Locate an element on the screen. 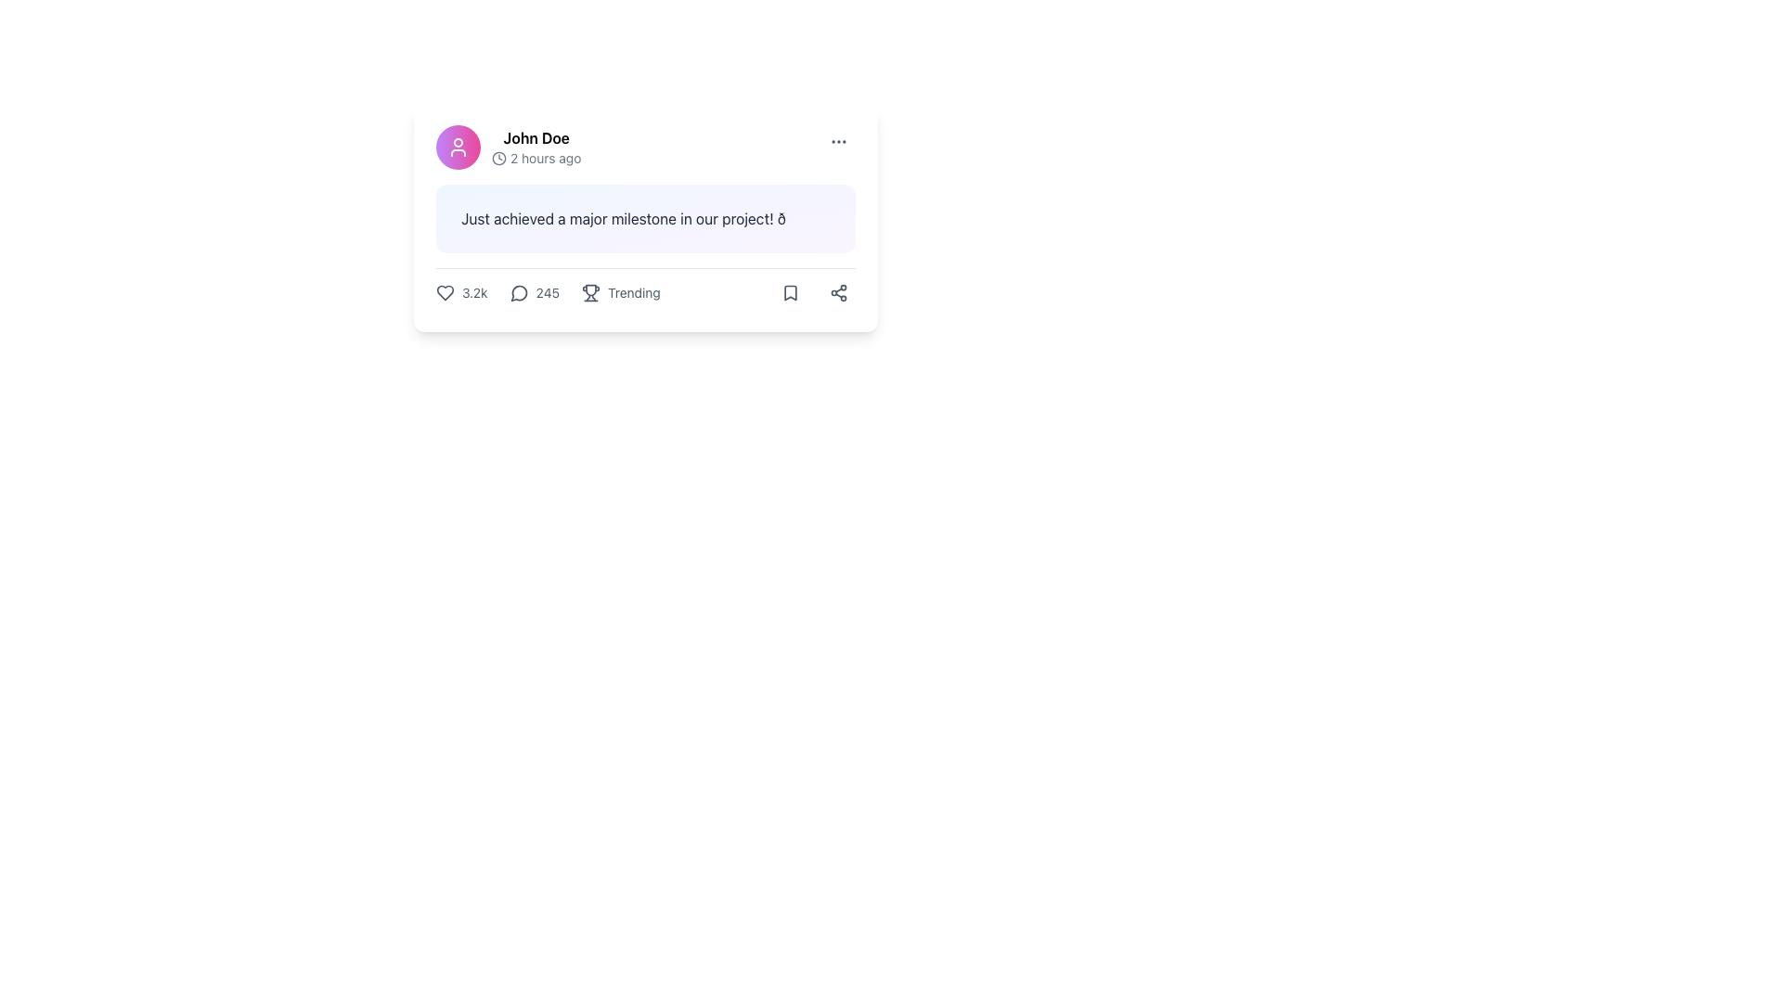 Image resolution: width=1782 pixels, height=1002 pixels. the Text label indicating trending content, which is located in the bottom section of a content card, after the comment count and before the share button is located at coordinates (634, 292).